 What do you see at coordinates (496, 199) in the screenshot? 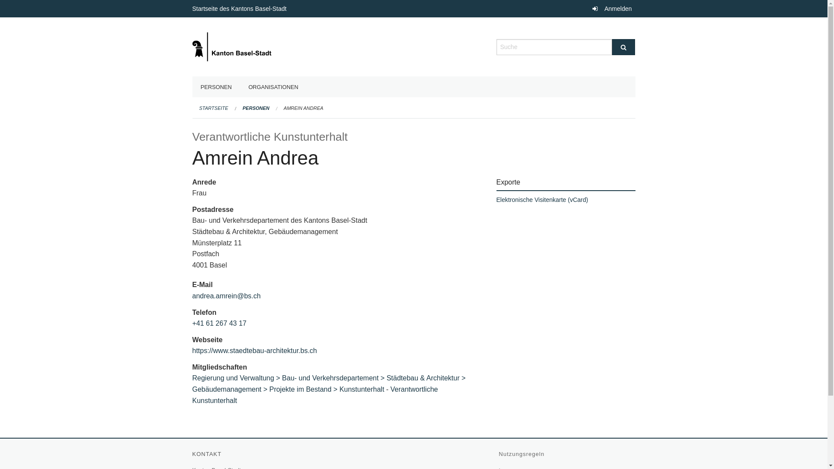
I see `'Elektronische Visitenkarte (vCard)'` at bounding box center [496, 199].